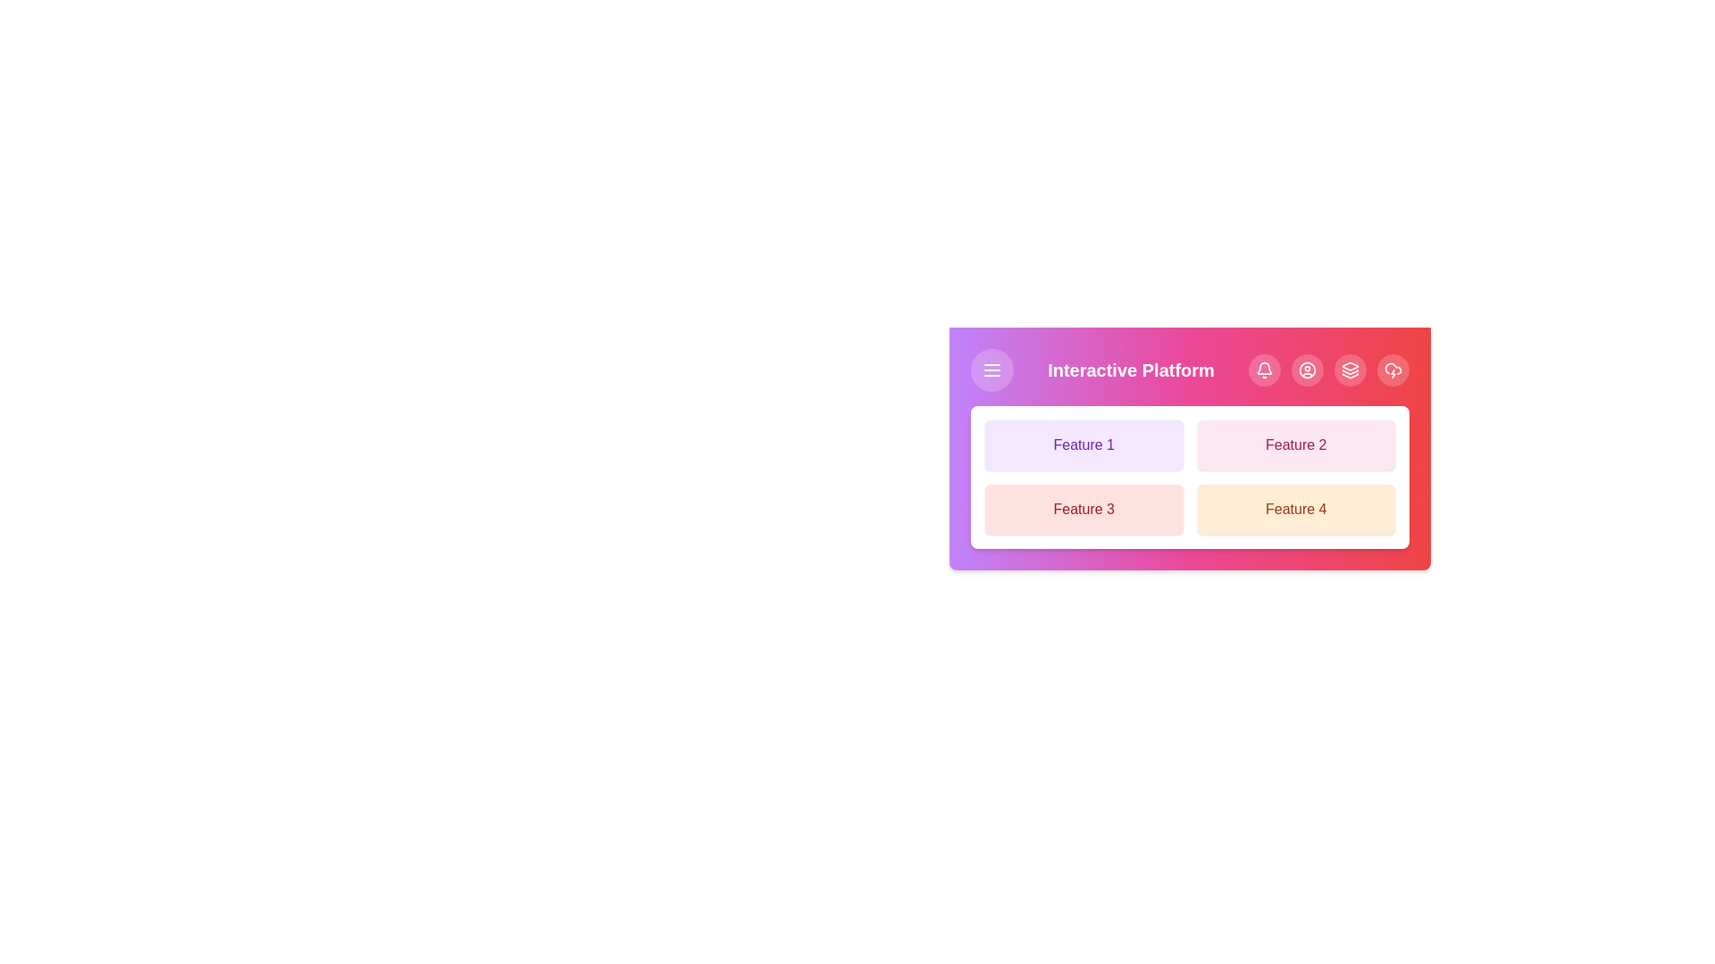 The image size is (1715, 964). I want to click on the feature button corresponding to Feature 4, so click(1296, 509).